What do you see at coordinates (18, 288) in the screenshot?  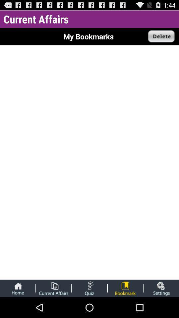 I see `home tab` at bounding box center [18, 288].